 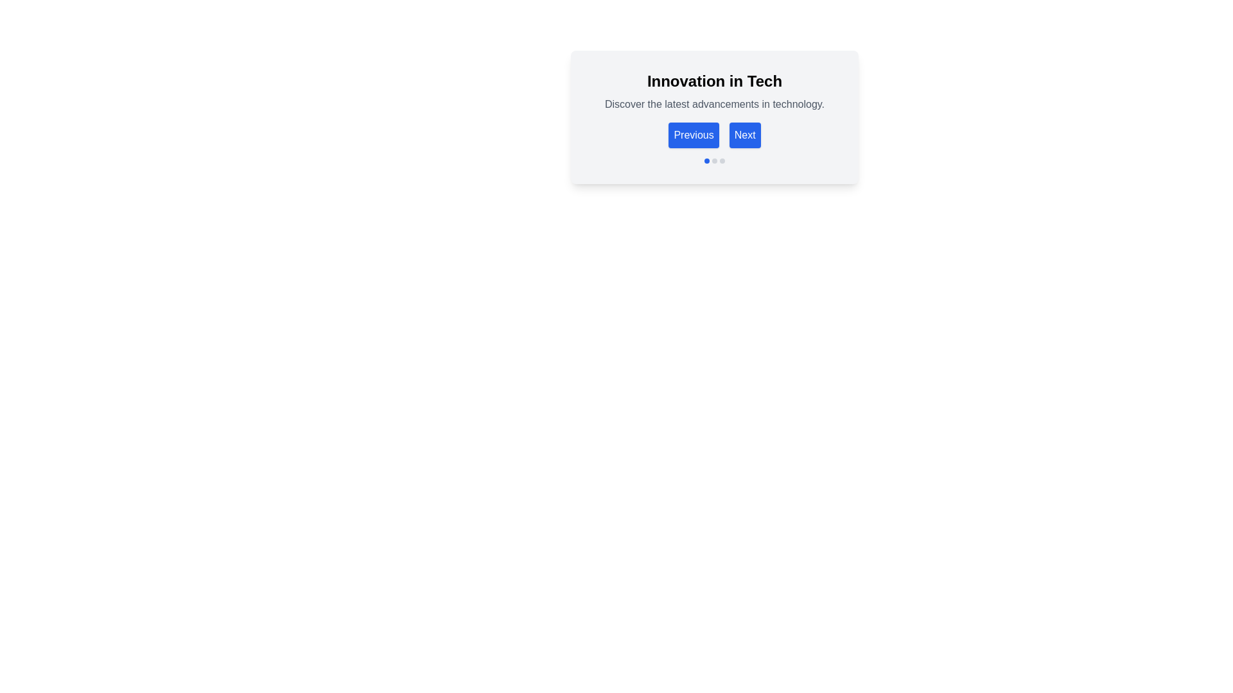 What do you see at coordinates (714, 108) in the screenshot?
I see `text content of the Navigation section located below the title 'Innovation in Tech' and above the circular indicators, which contains 'Previous' and 'Next' buttons for navigation` at bounding box center [714, 108].